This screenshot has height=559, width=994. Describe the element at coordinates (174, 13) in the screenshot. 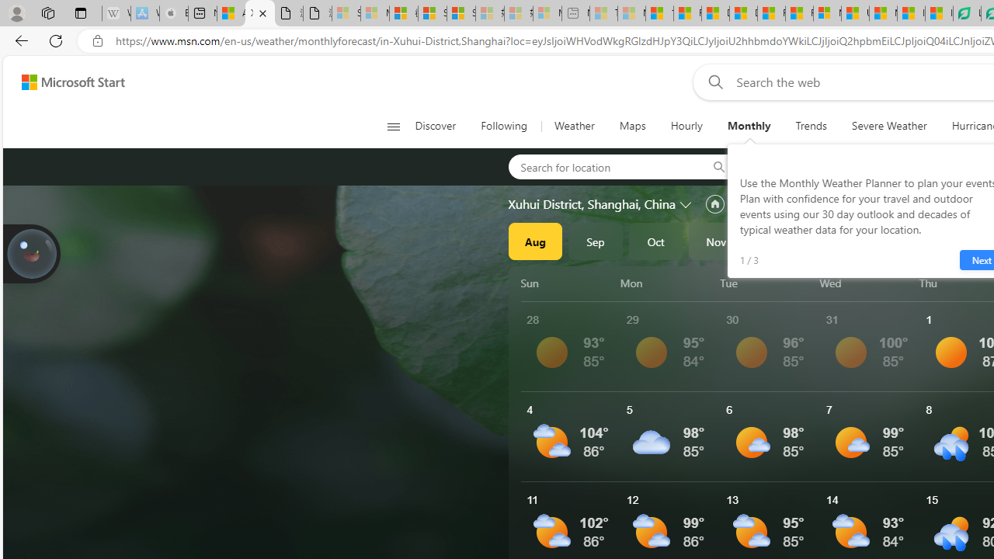

I see `'Buy iPad - Apple - Sleeping'` at that location.